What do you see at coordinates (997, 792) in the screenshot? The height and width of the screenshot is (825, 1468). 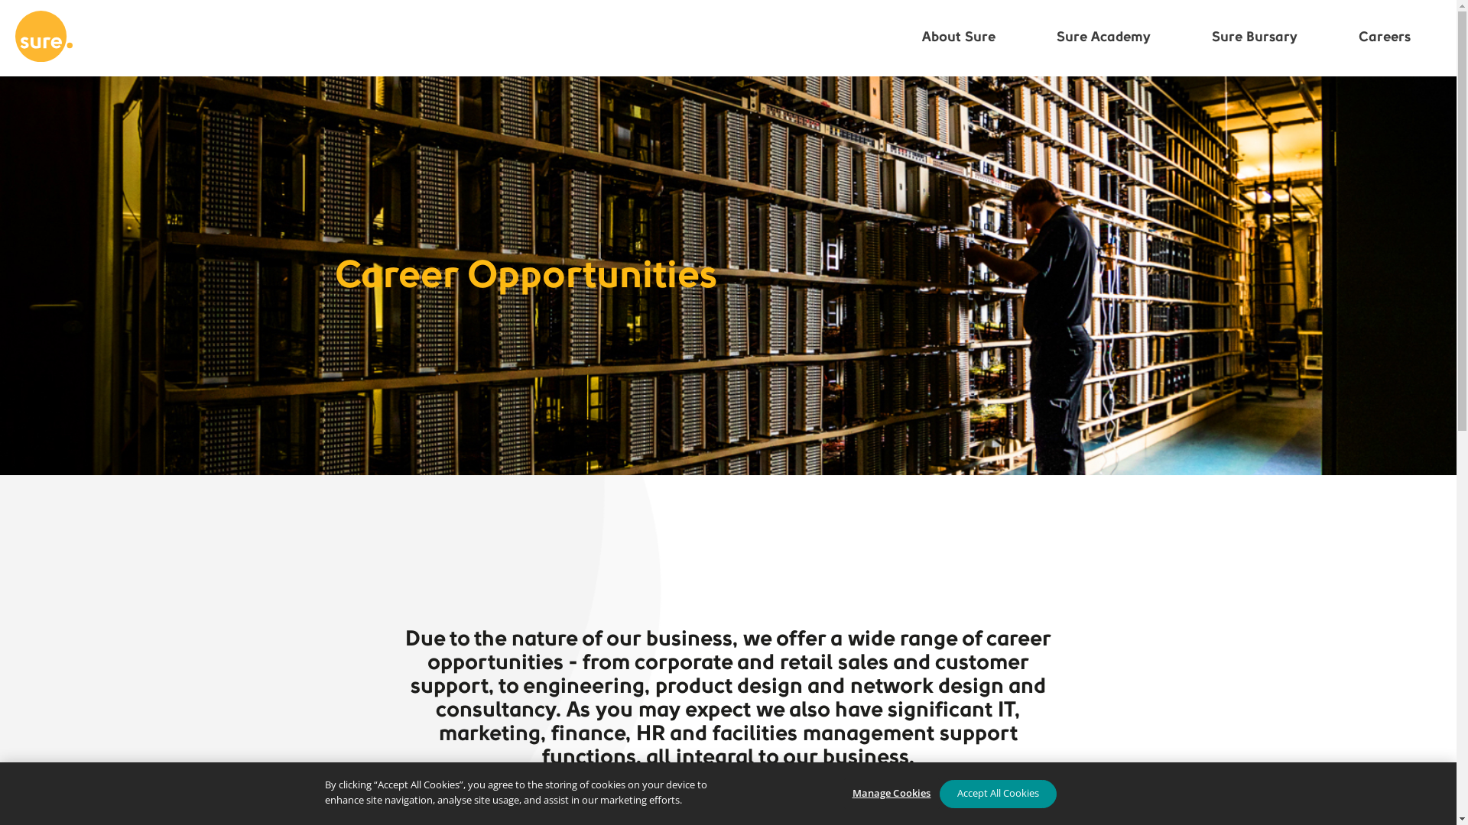 I see `'Accept All Cookies'` at bounding box center [997, 792].